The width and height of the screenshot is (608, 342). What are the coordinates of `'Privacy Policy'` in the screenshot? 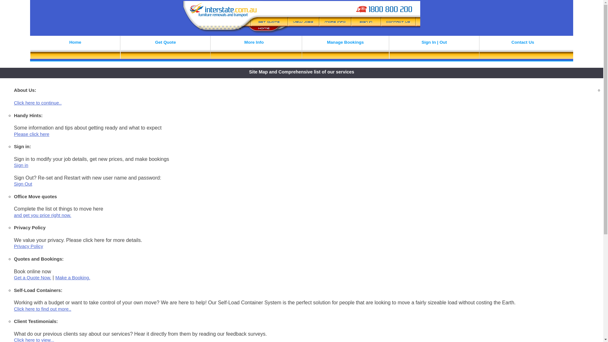 It's located at (28, 246).